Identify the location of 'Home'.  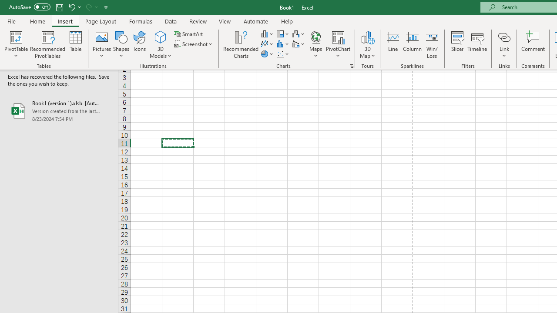
(37, 21).